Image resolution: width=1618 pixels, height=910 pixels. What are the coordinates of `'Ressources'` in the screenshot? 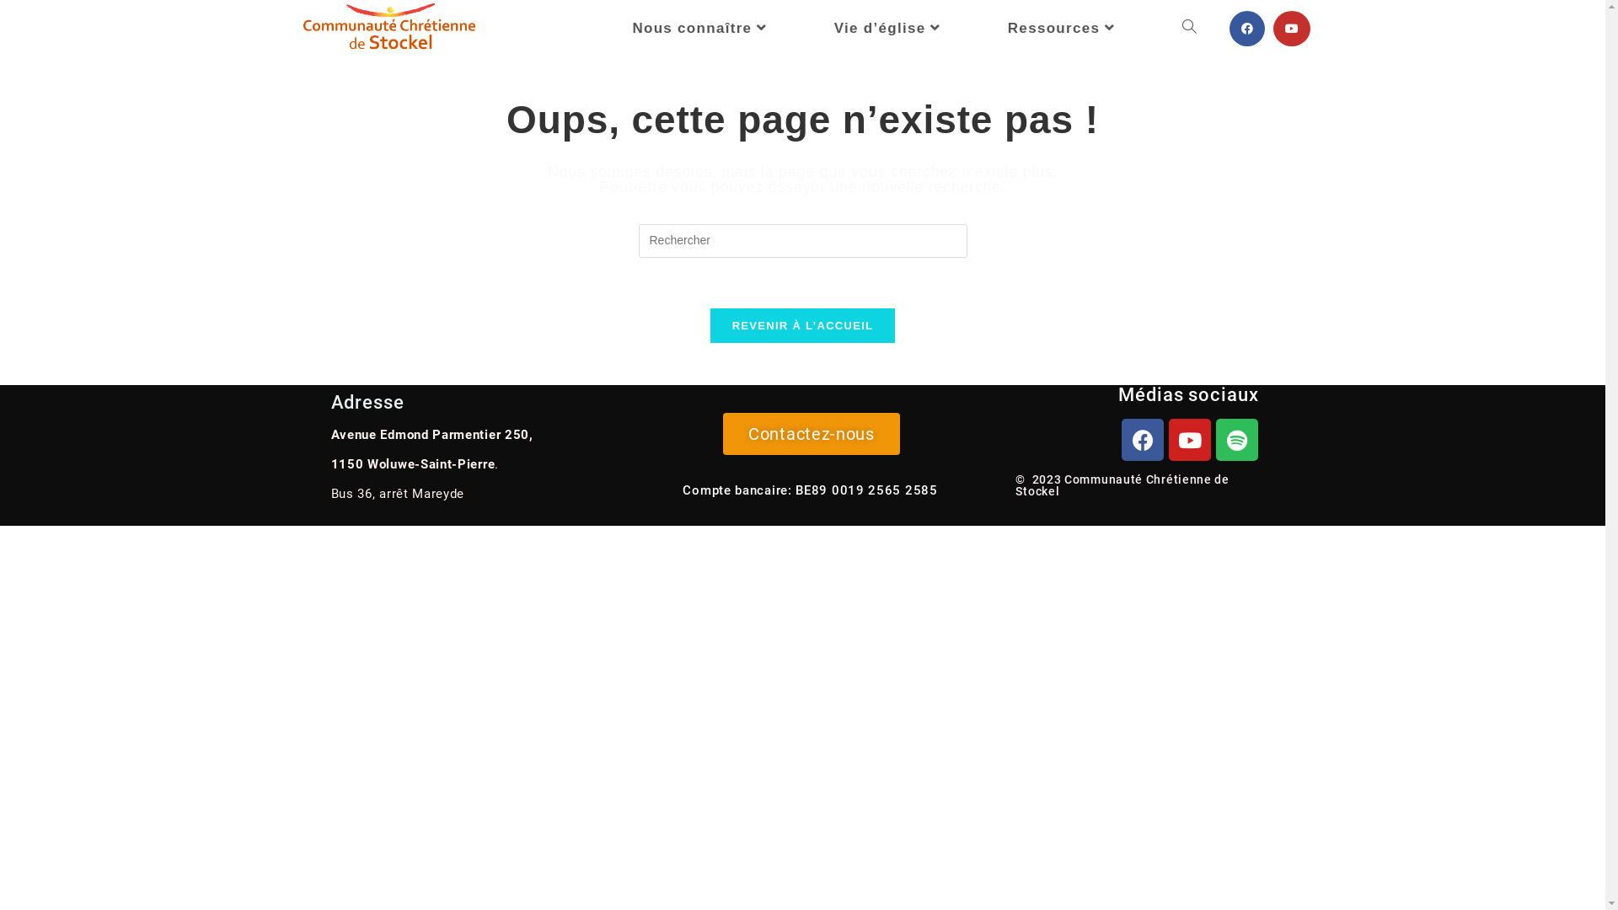 It's located at (1063, 29).